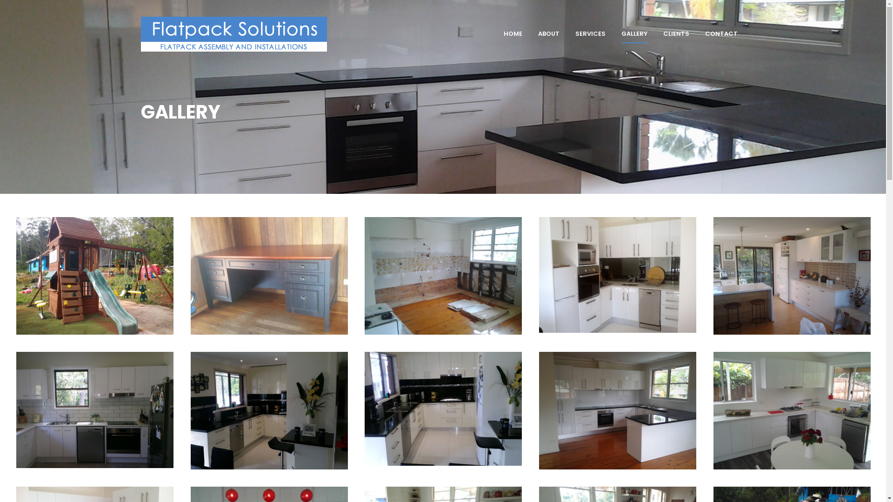  I want to click on 'CONTACT', so click(720, 33).